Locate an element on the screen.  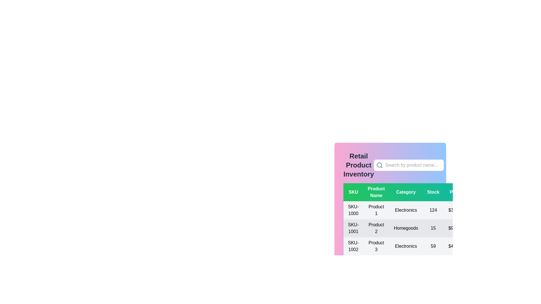
the text in the first cell of the table is located at coordinates (353, 210).